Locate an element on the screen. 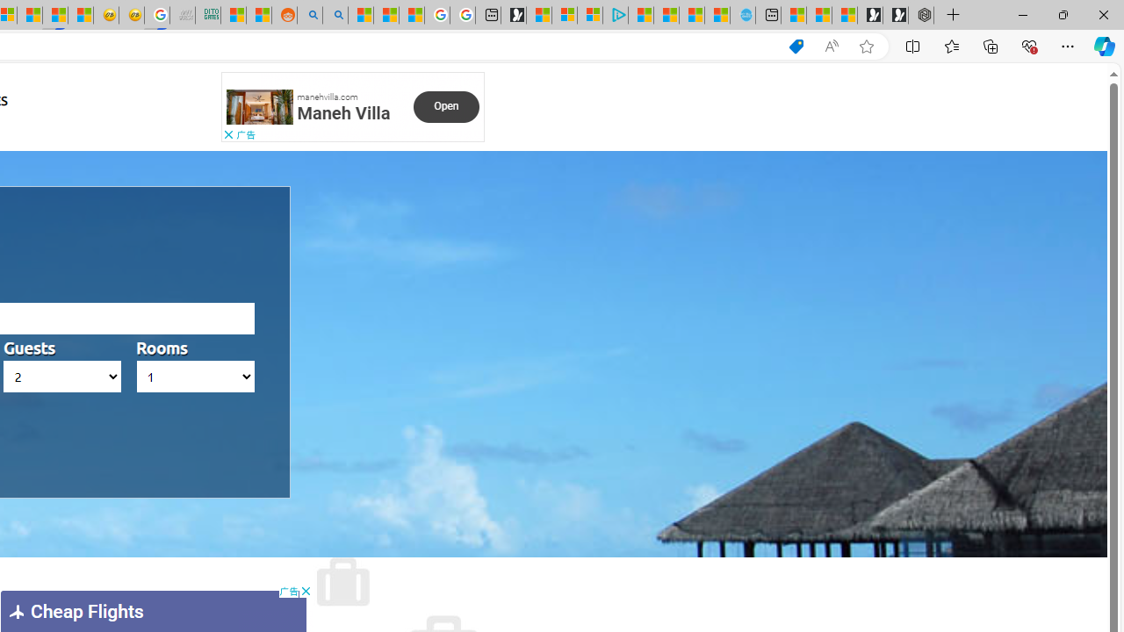 This screenshot has height=632, width=1124. 'Class: ns-pn6gp-e-2 svg-anchor text-button-final' is located at coordinates (446, 106).